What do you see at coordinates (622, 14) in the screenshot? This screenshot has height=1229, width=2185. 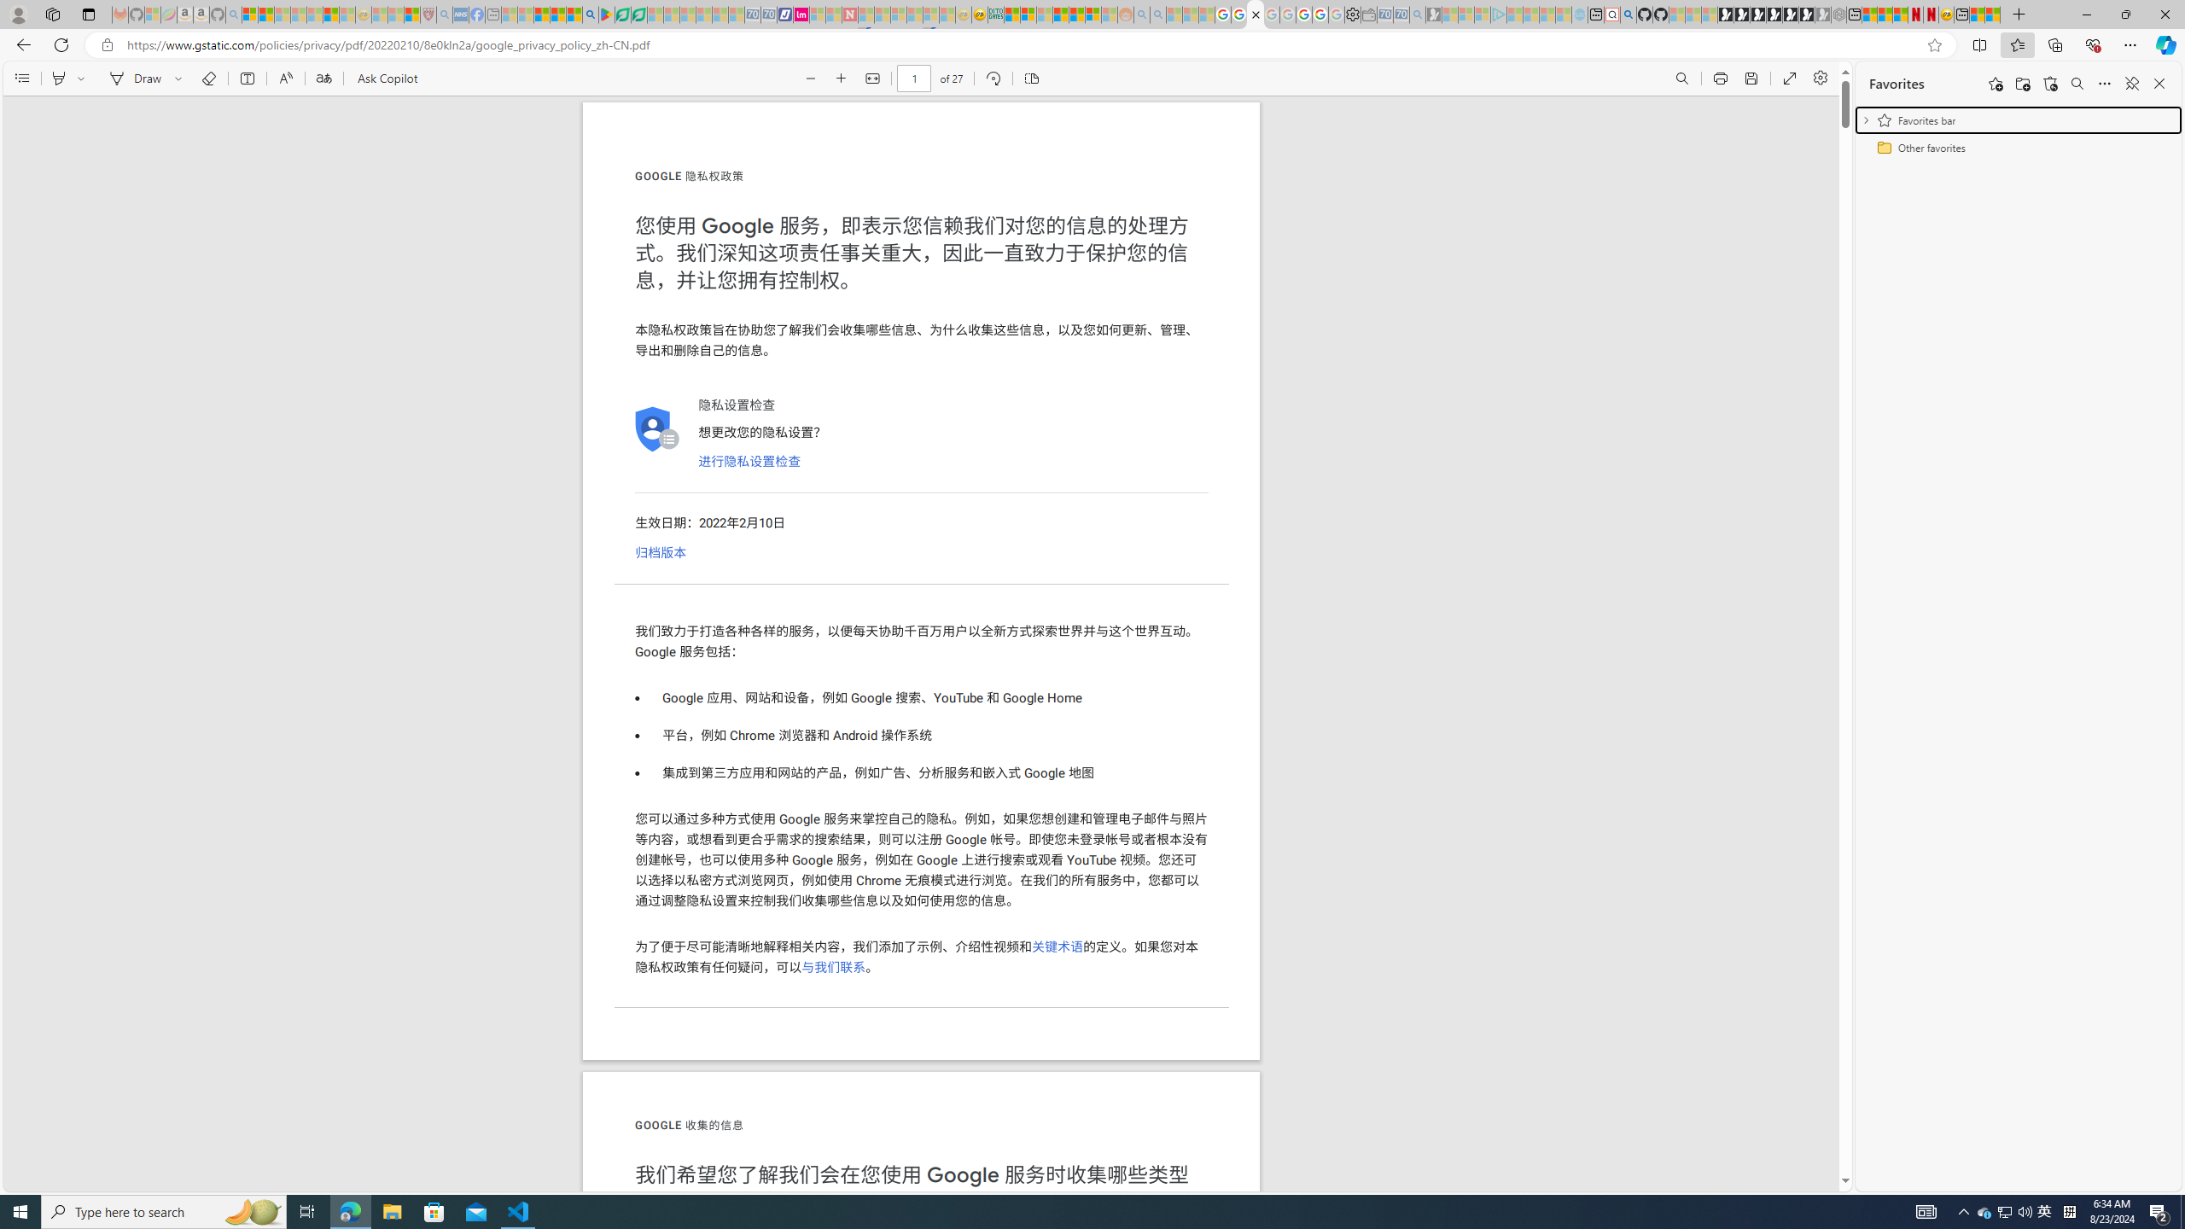 I see `'Terms of Use Agreement'` at bounding box center [622, 14].